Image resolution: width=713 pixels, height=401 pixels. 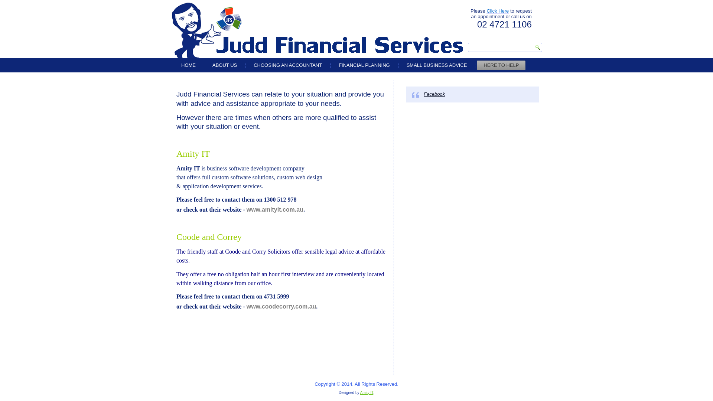 I want to click on 'SMALL BUSINESS ADVICE', so click(x=399, y=65).